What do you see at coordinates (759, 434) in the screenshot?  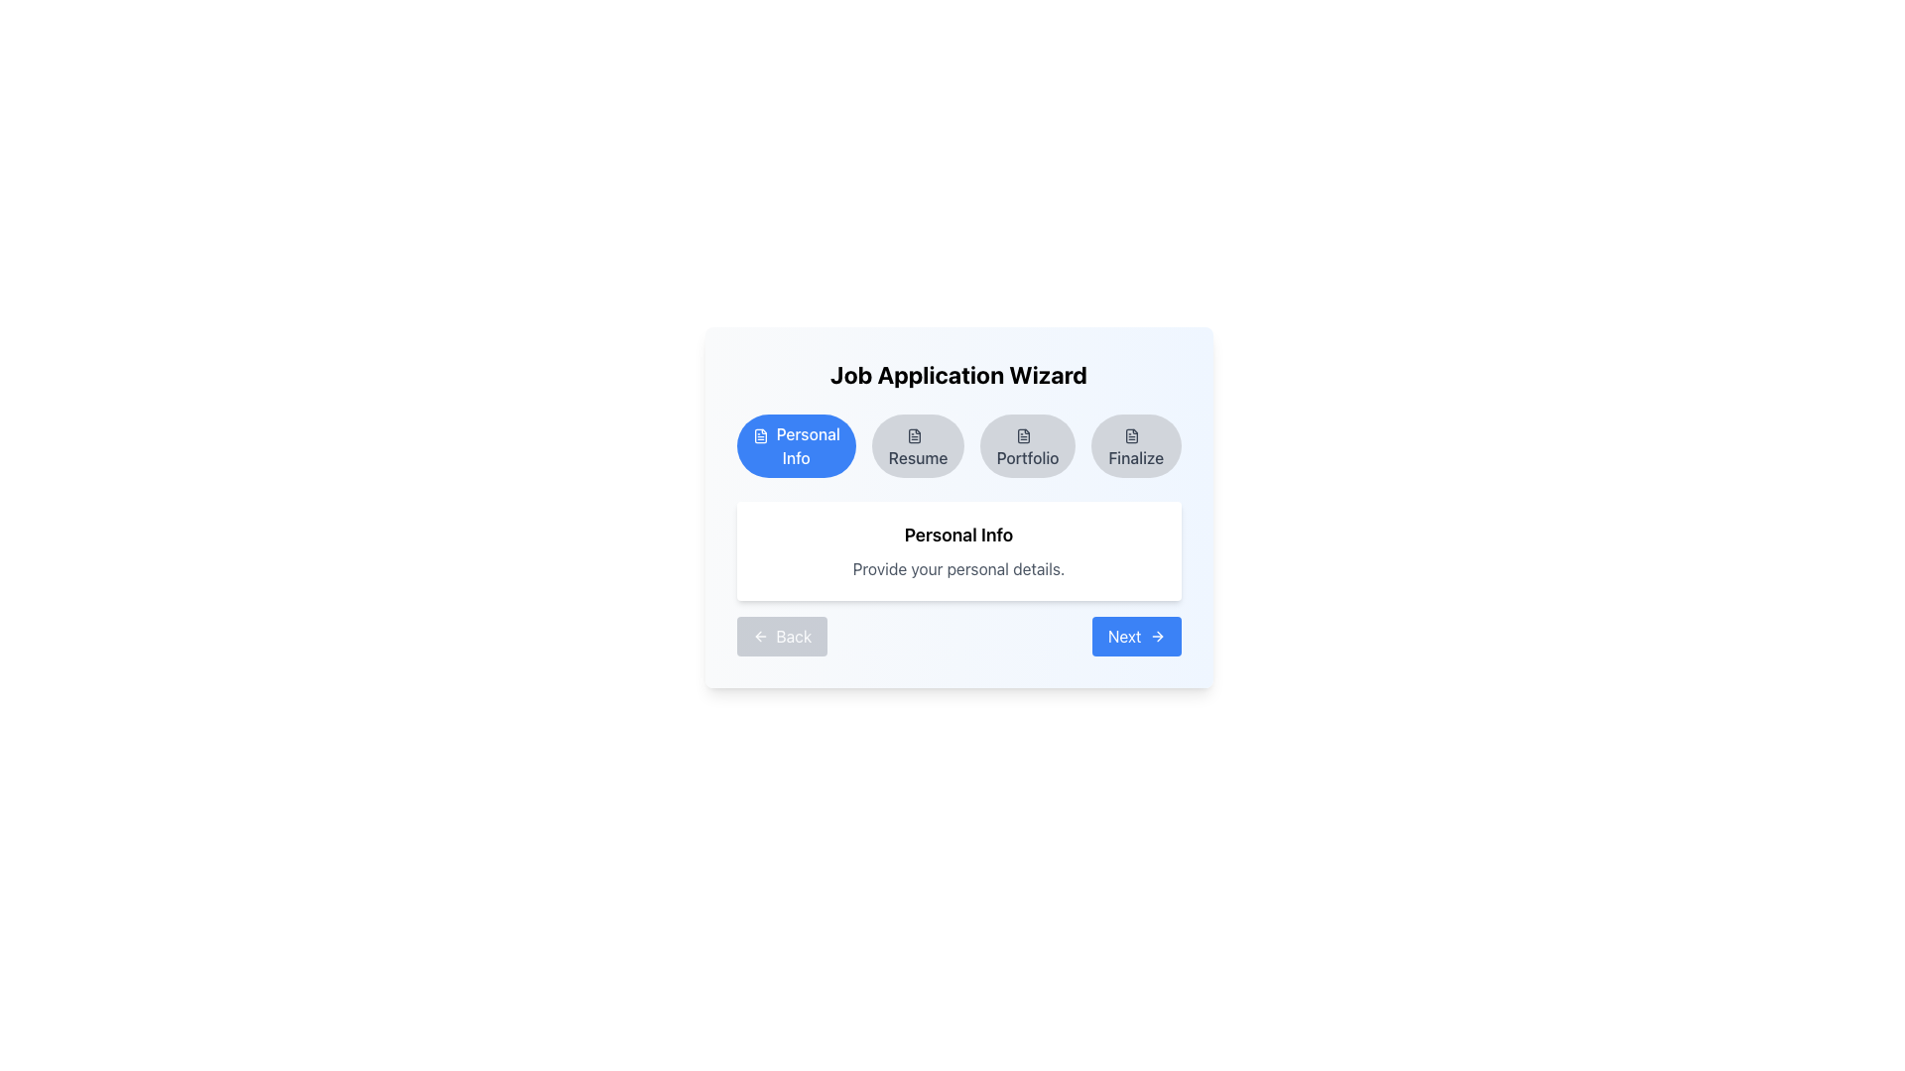 I see `the 'Personal Info' icon located to the left of the 'Personal Info' text within the rounded blue button in the top navigation bar` at bounding box center [759, 434].